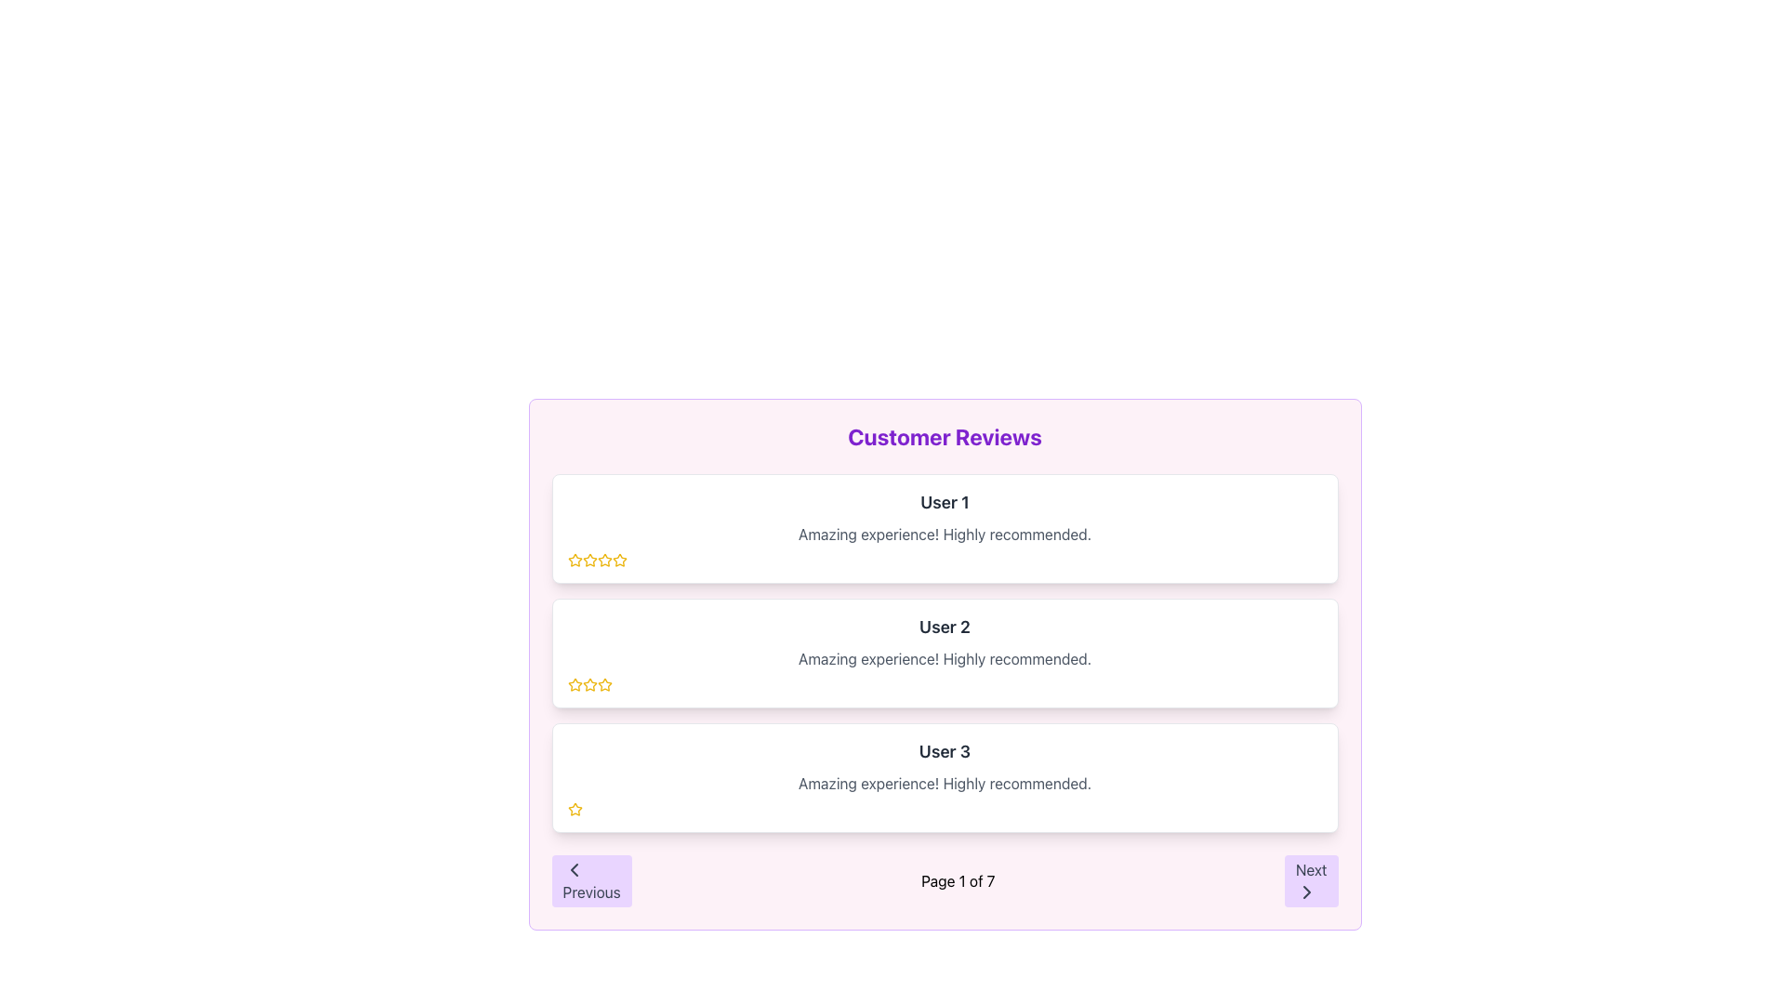  Describe the element at coordinates (945, 778) in the screenshot. I see `the user review card, which is the third card in the vertically stacked list under 'User 2' in the 'Customer Reviews' section` at that location.